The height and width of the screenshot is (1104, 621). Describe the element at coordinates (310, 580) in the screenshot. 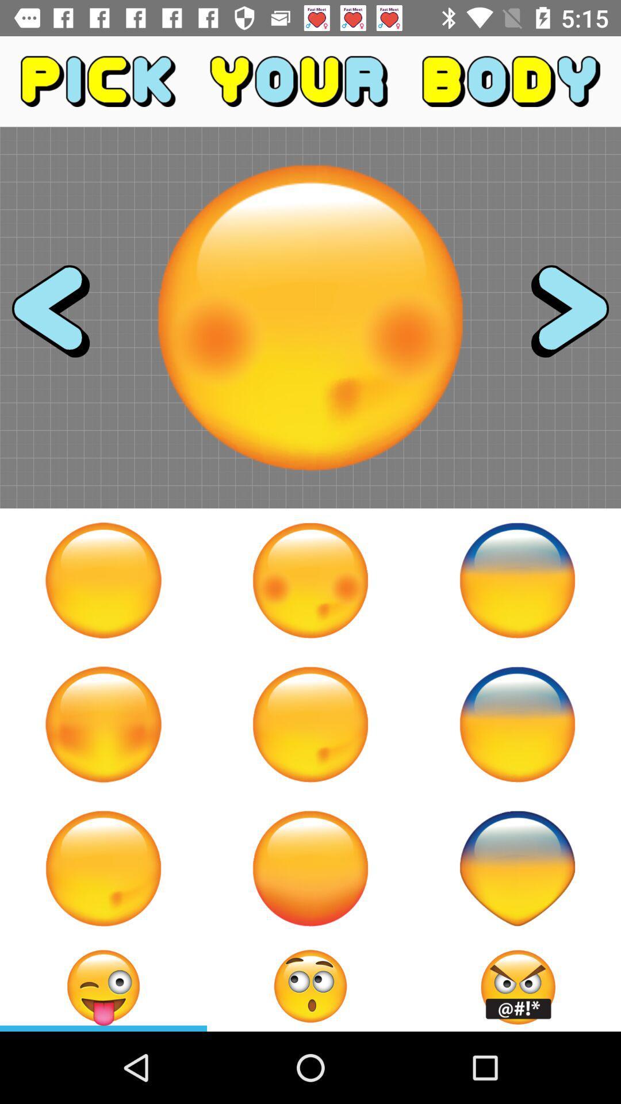

I see `emoji button` at that location.